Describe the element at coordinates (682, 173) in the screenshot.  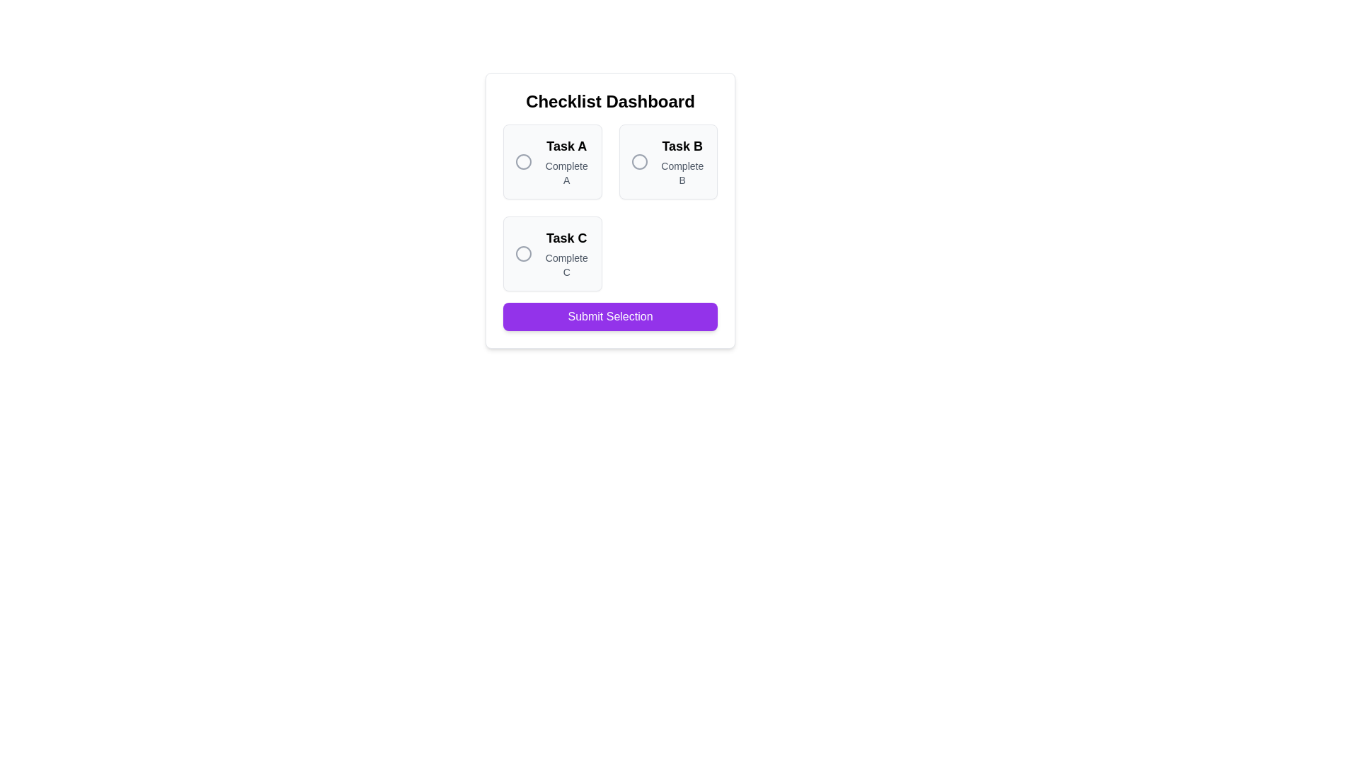
I see `the text label 'Complete B' which is part of the checklist item located below 'Task B' in the second checklist card` at that location.